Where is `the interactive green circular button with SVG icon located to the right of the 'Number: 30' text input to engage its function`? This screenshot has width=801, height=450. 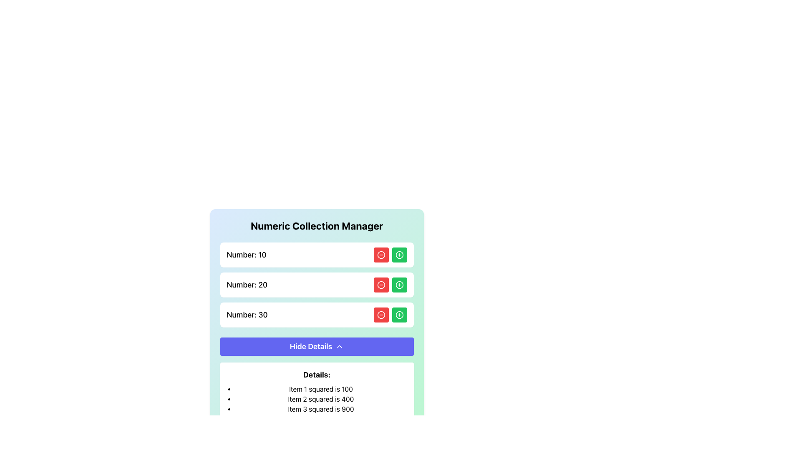
the interactive green circular button with SVG icon located to the right of the 'Number: 30' text input to engage its function is located at coordinates (399, 255).